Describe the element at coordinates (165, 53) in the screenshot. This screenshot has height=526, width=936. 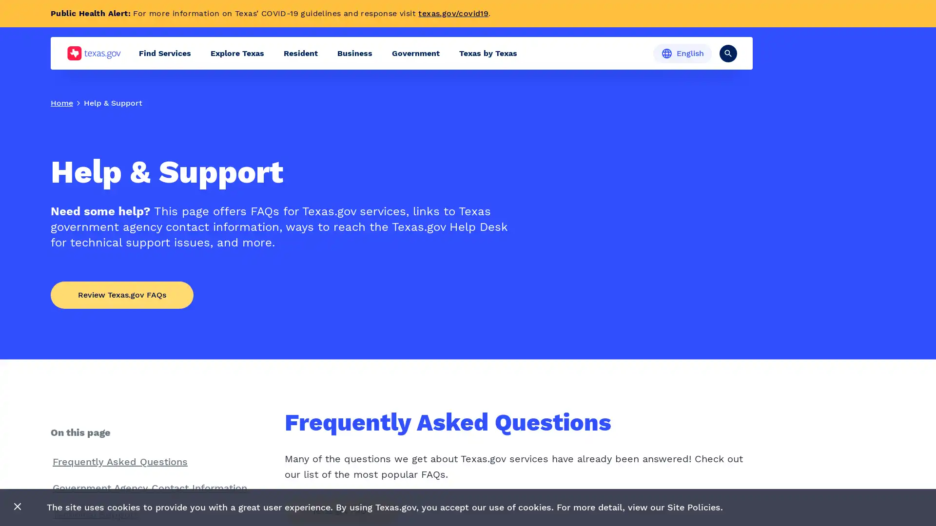
I see `Find Services` at that location.